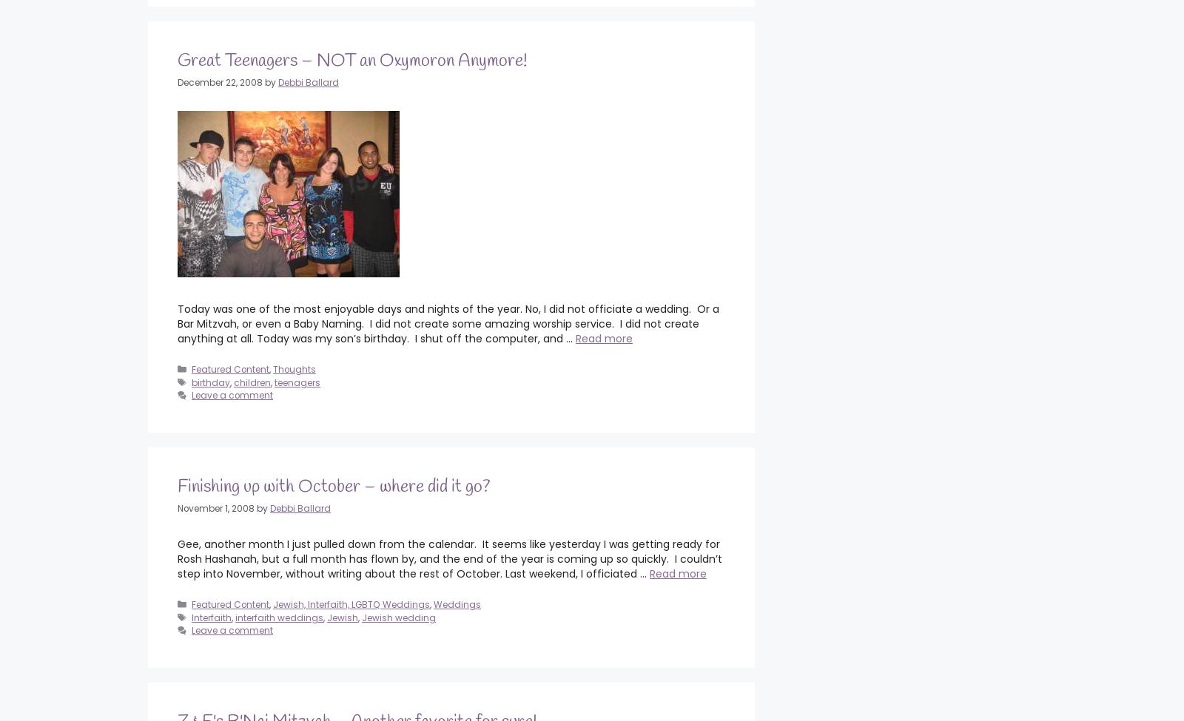 This screenshot has height=721, width=1184. I want to click on 'birthday', so click(210, 382).